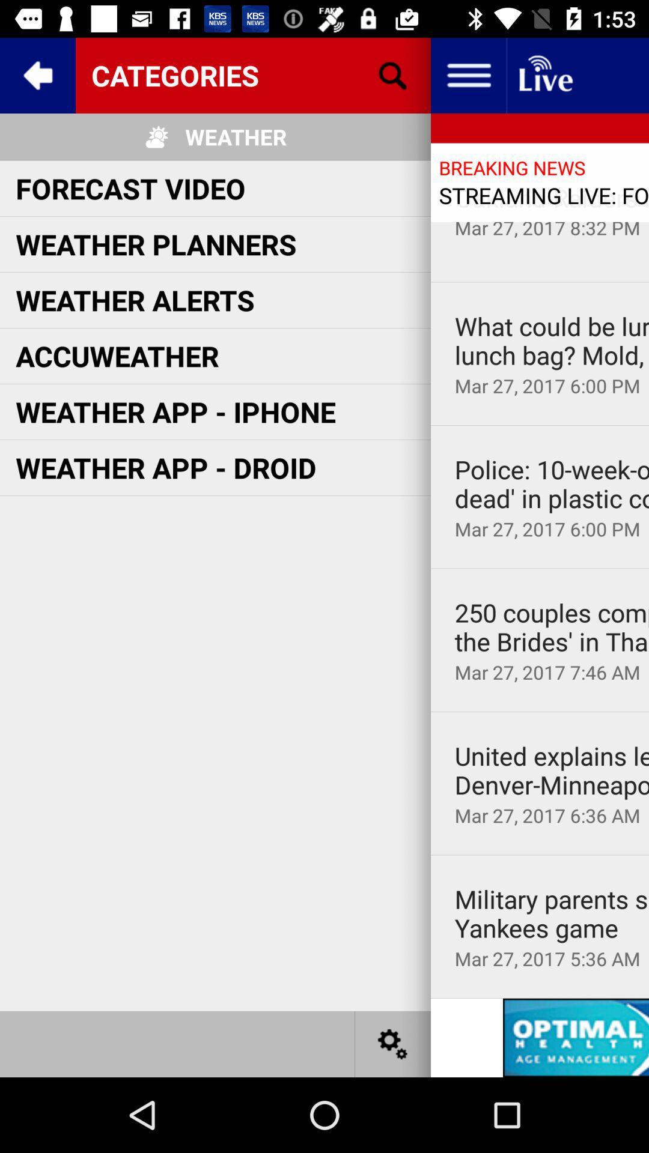 This screenshot has height=1153, width=649. What do you see at coordinates (552, 198) in the screenshot?
I see `the icon below the breaking news item` at bounding box center [552, 198].